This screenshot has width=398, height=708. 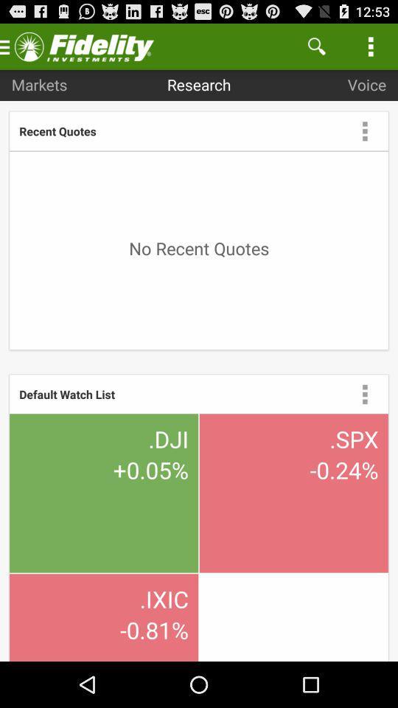 What do you see at coordinates (364, 393) in the screenshot?
I see `options` at bounding box center [364, 393].